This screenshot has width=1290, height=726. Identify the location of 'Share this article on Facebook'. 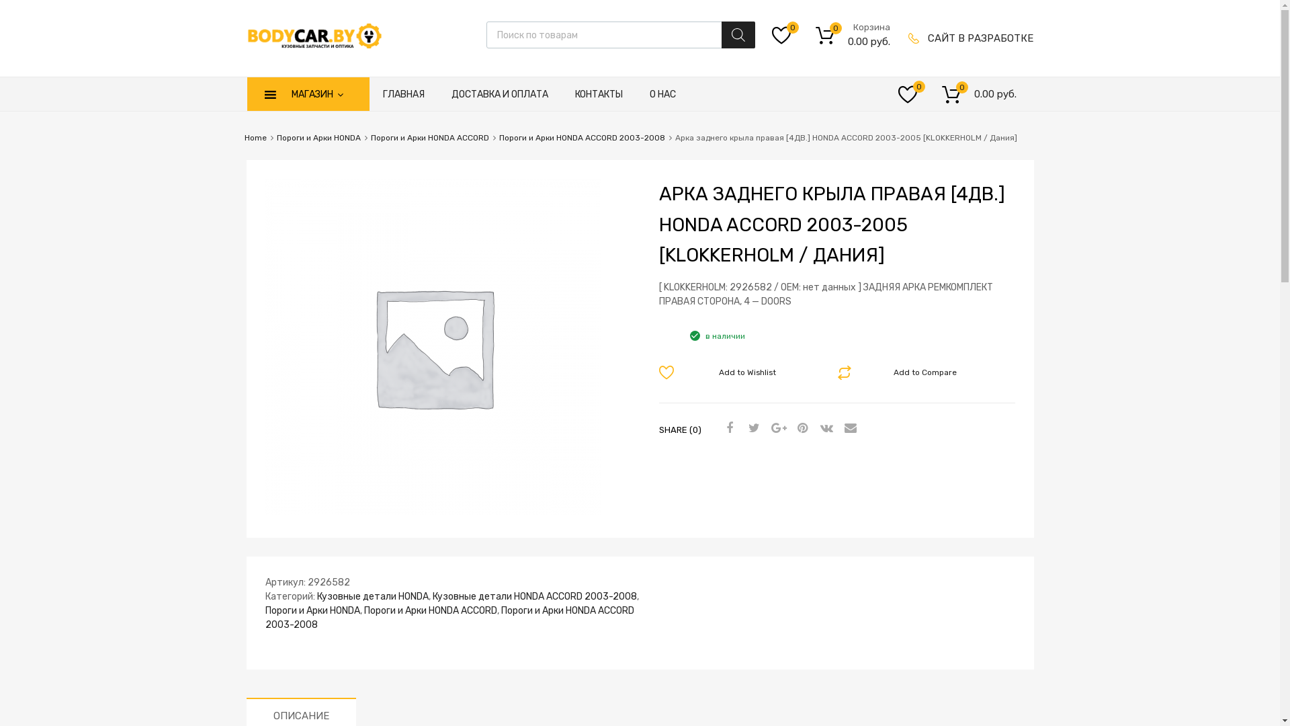
(727, 428).